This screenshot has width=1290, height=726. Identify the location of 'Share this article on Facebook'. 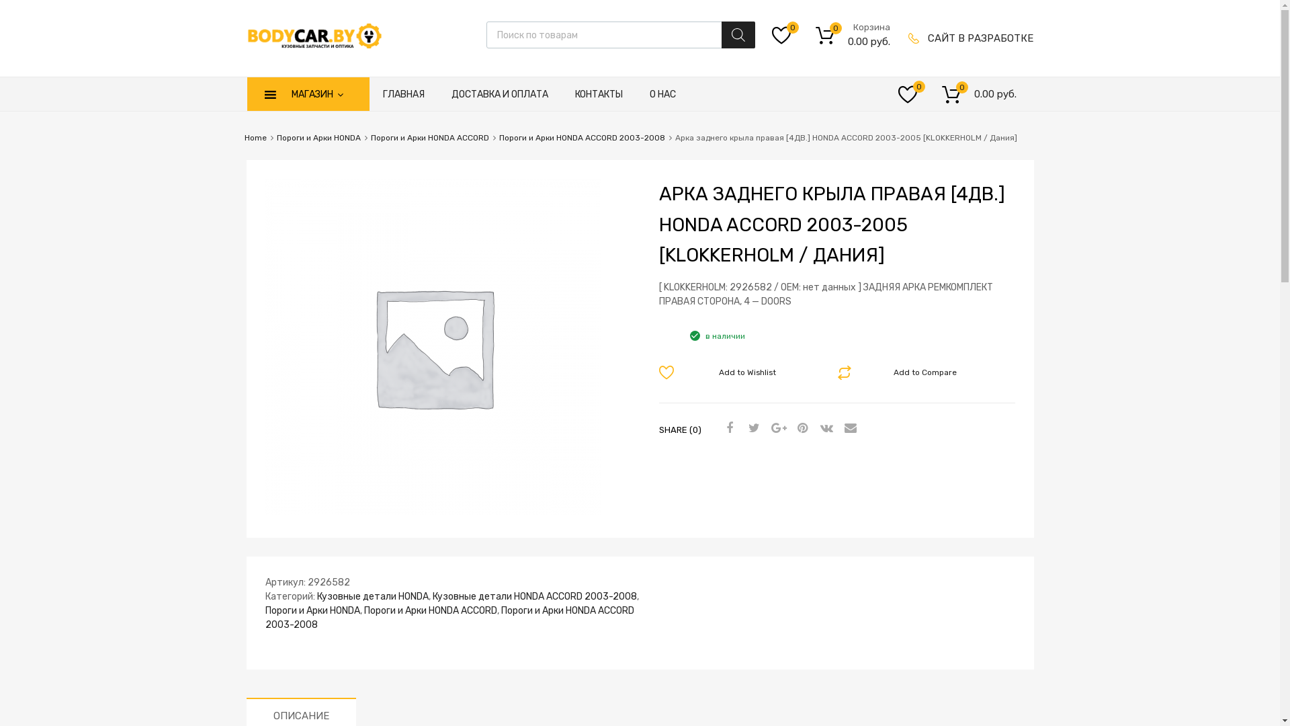
(727, 428).